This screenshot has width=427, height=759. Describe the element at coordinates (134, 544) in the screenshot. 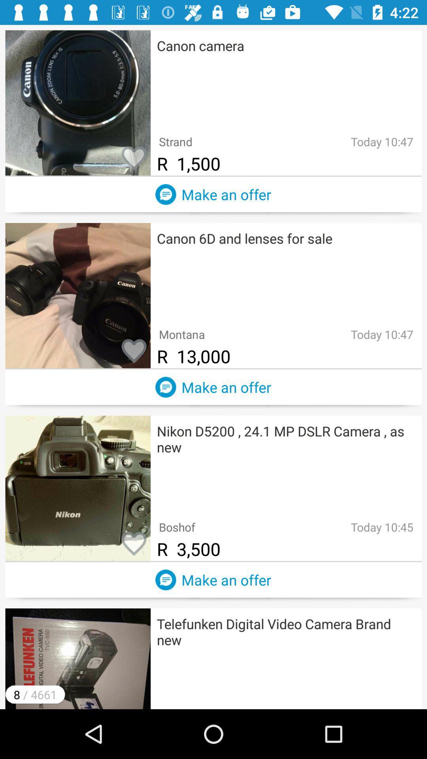

I see `favorite` at that location.